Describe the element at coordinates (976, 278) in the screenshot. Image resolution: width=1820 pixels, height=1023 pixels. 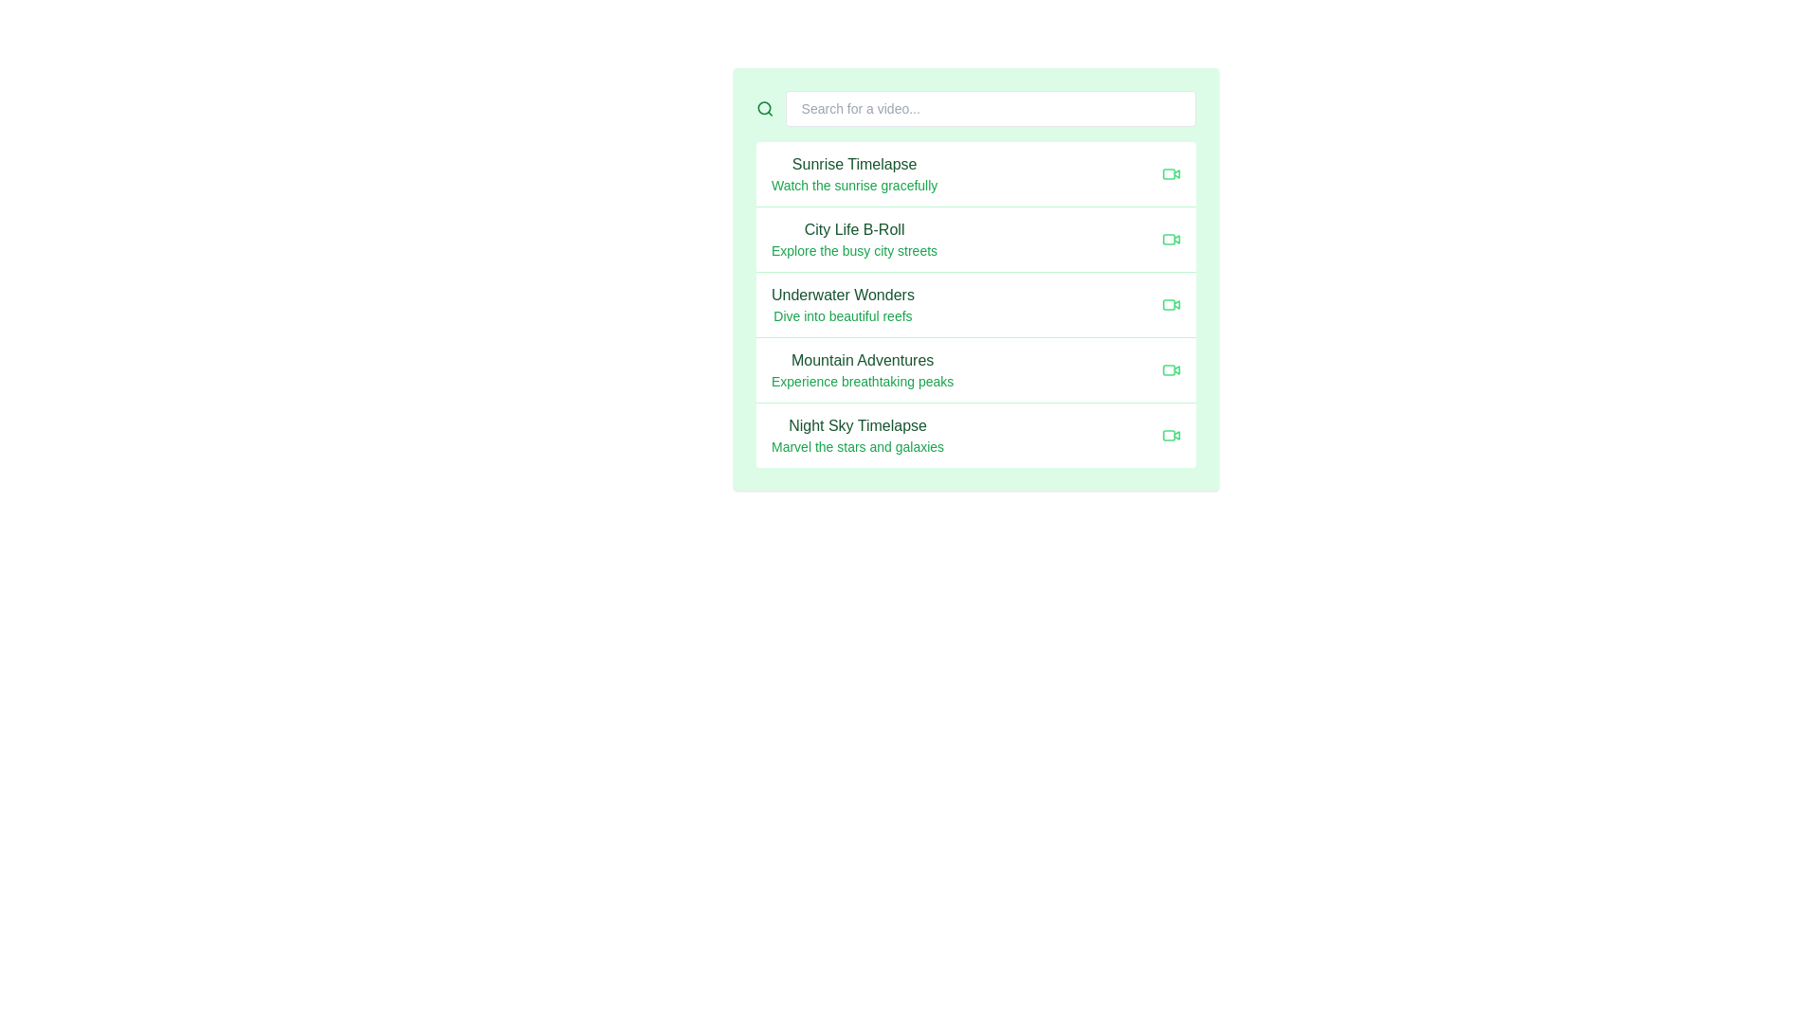
I see `the underwater exploration video card, which is the third item in a vertical list of cards, positioned below 'City Life B-Roll' and above 'Mountain Adventures'` at that location.